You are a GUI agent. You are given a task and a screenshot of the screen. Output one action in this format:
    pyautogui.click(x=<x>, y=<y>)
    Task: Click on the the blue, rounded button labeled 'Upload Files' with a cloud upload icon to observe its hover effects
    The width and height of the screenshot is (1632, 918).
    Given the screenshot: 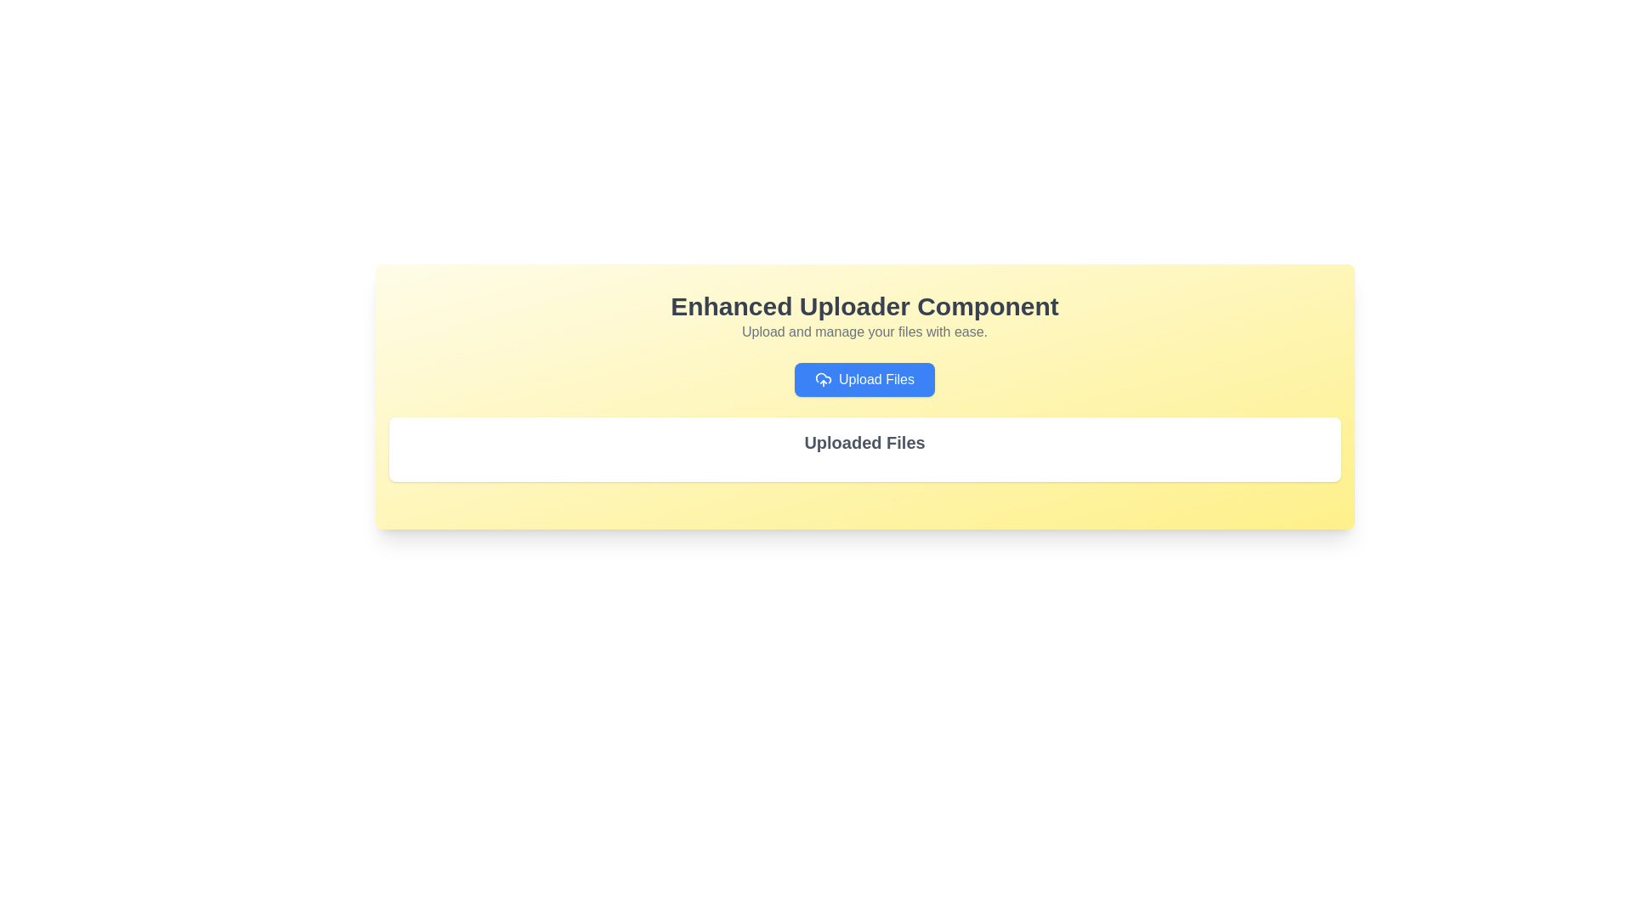 What is the action you would take?
    pyautogui.click(x=864, y=379)
    